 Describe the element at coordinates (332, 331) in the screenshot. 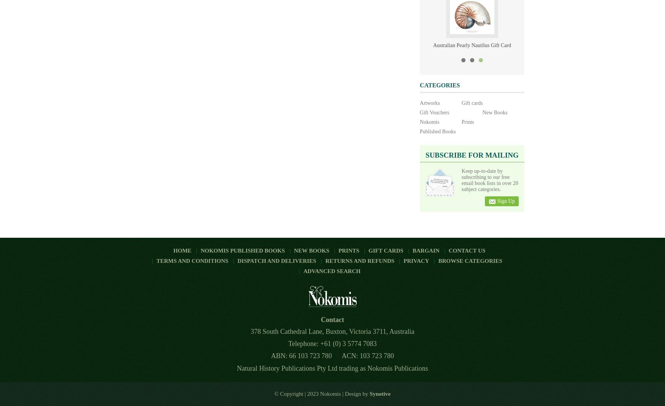

I see `'378 South Cathedral Lane, Buxton, Victoria 3711, Australia'` at that location.